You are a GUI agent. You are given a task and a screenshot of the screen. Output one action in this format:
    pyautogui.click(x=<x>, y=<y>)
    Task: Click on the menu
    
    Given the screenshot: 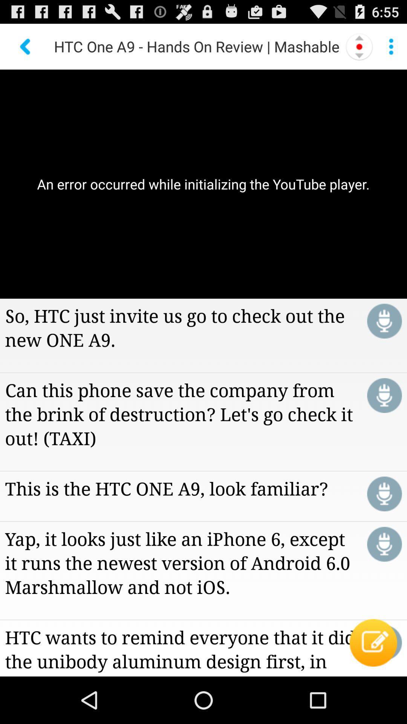 What is the action you would take?
    pyautogui.click(x=390, y=46)
    